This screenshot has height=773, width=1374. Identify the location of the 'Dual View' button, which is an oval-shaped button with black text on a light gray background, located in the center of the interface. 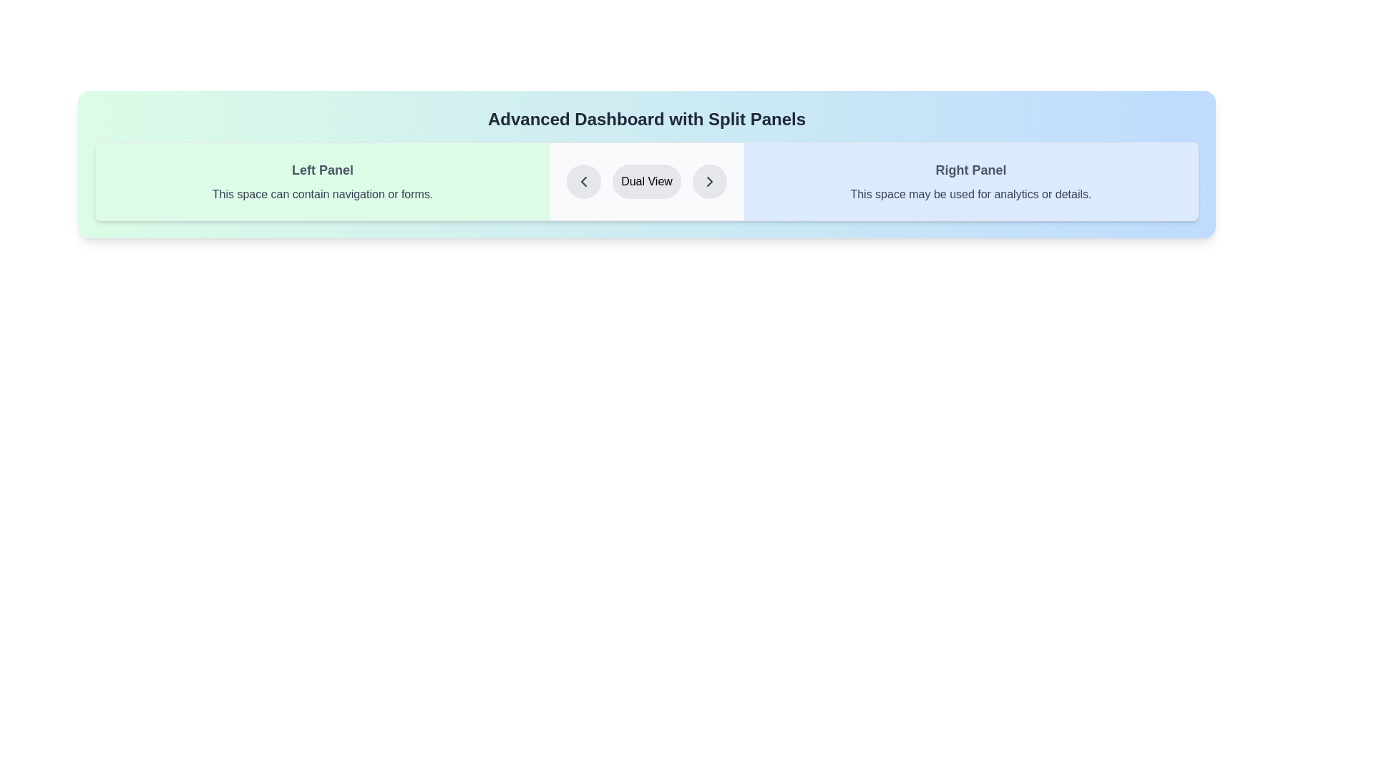
(645, 181).